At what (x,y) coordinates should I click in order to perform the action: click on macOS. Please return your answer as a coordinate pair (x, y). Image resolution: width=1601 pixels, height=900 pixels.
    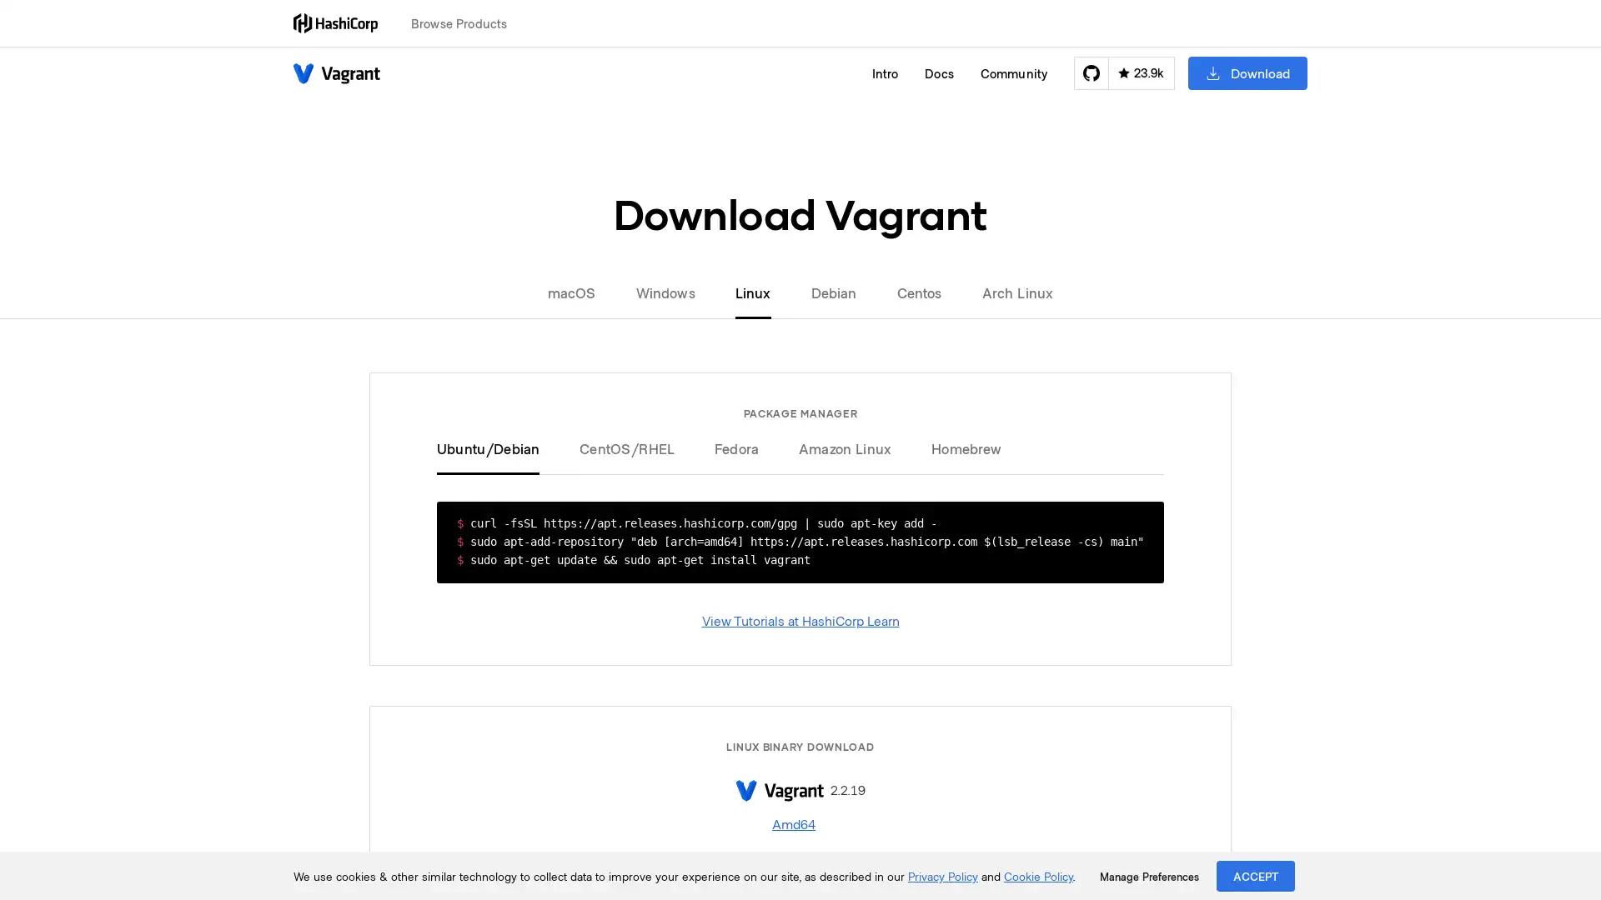
    Looking at the image, I should click on (580, 292).